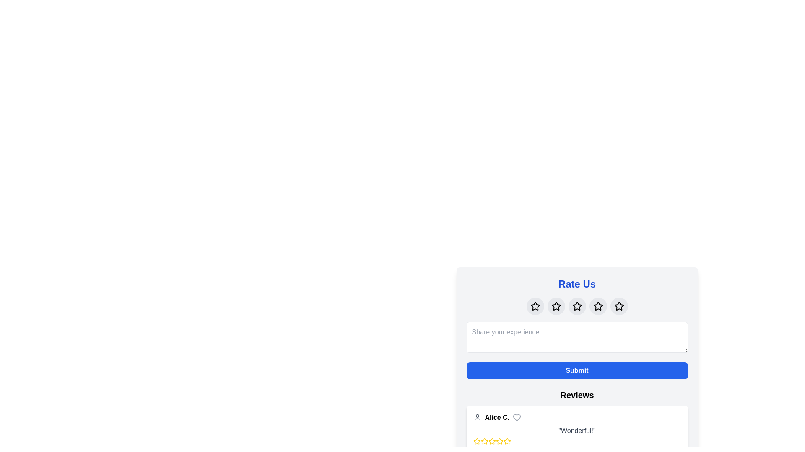 The image size is (805, 452). I want to click on the third star-shaped icon in the Interactive Star Rating Component, so click(576, 306).